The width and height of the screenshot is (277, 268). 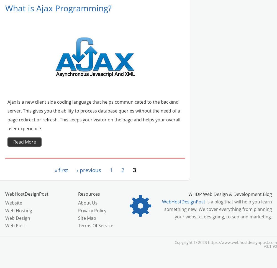 What do you see at coordinates (24, 142) in the screenshot?
I see `'Read More'` at bounding box center [24, 142].